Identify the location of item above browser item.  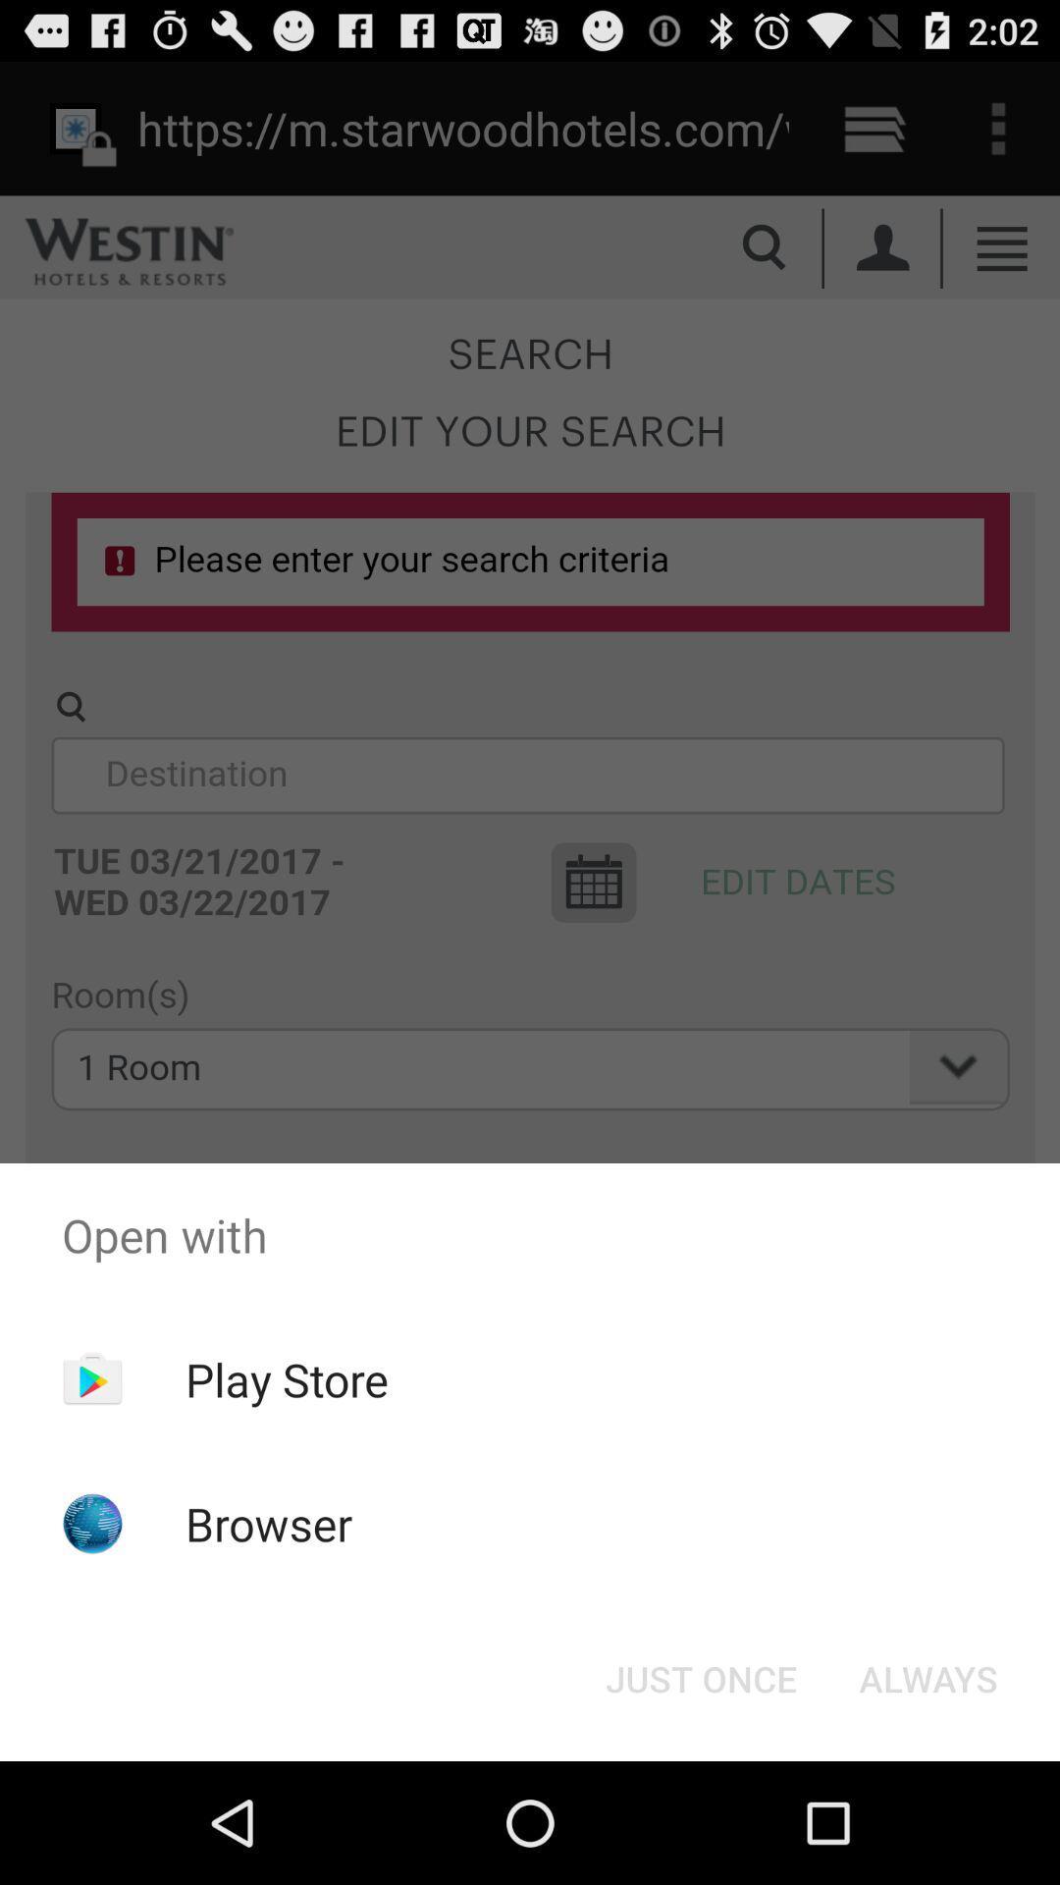
(287, 1378).